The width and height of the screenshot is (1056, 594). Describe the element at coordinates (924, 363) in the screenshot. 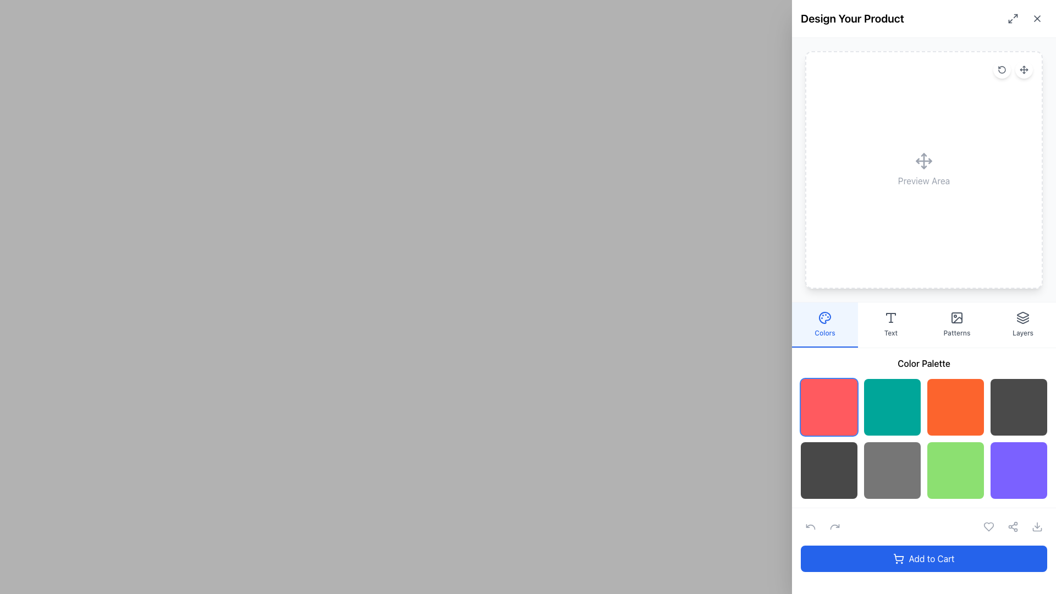

I see `the text label that serves as a header for the color palette section, located at the top center of the right panel interface` at that location.